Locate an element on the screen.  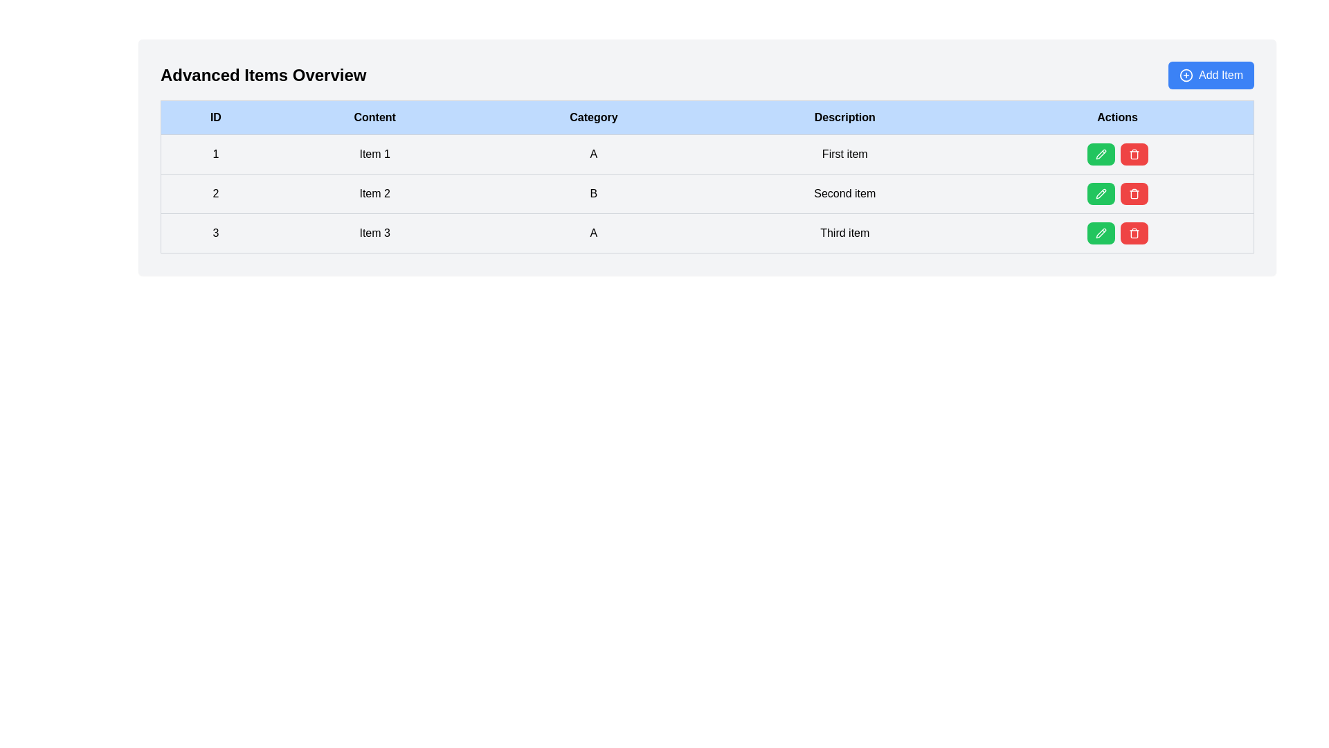
the table cell displaying the text 'First item' in the 'Description' column of the first row is located at coordinates (844, 154).